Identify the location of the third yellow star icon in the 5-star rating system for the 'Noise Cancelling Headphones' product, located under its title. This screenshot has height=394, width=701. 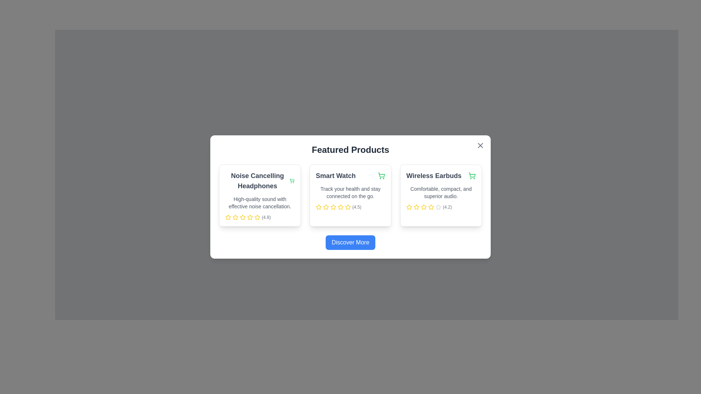
(235, 217).